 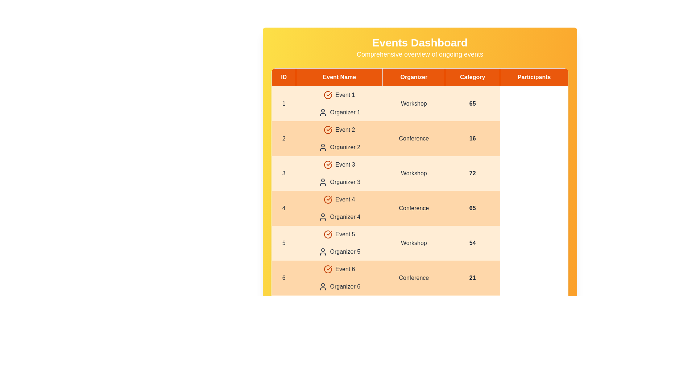 What do you see at coordinates (472, 77) in the screenshot?
I see `the column header Category to sort the table by that column` at bounding box center [472, 77].